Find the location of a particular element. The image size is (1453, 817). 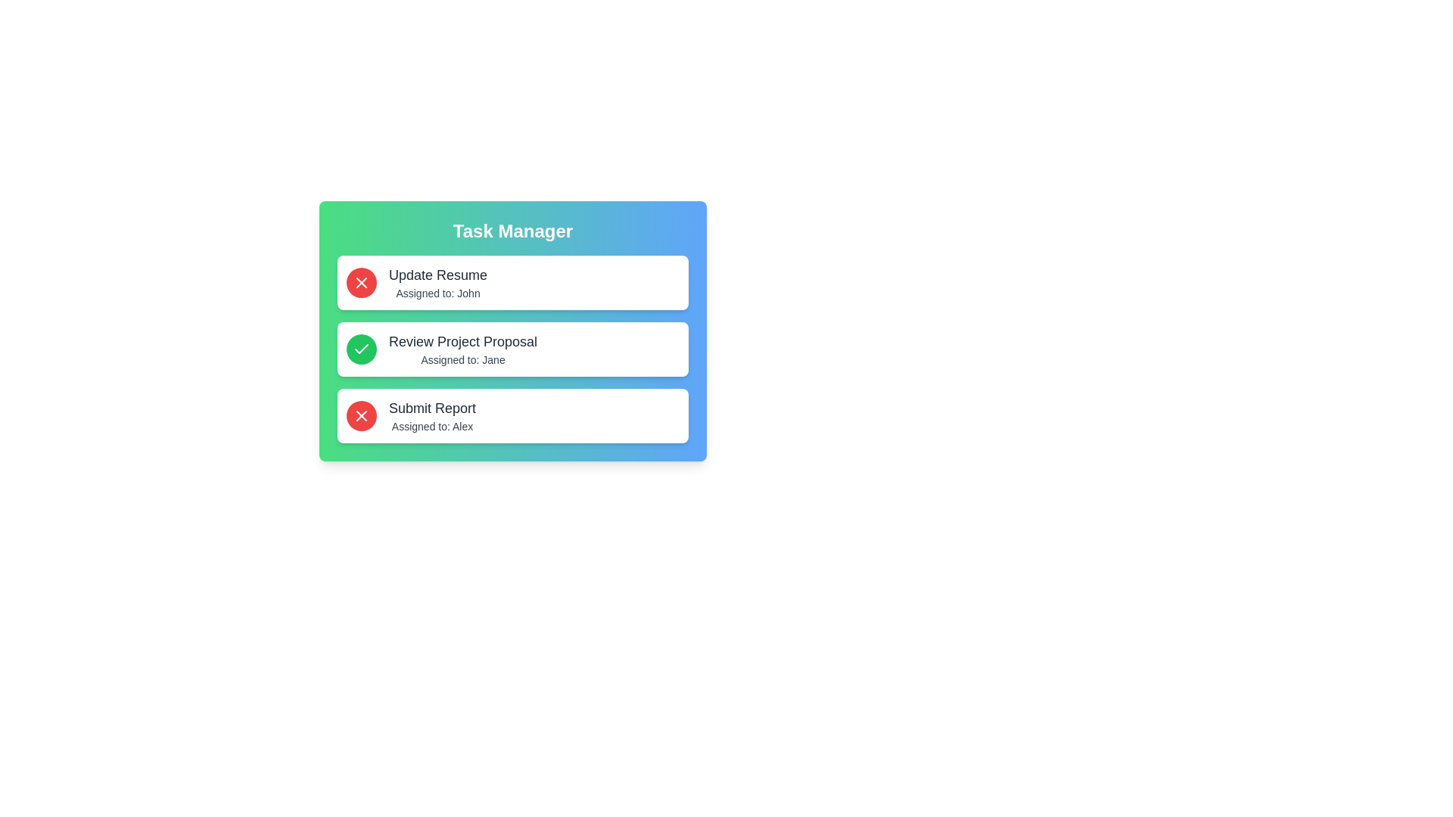

the task item Update Resume to reveal additional context is located at coordinates (512, 283).